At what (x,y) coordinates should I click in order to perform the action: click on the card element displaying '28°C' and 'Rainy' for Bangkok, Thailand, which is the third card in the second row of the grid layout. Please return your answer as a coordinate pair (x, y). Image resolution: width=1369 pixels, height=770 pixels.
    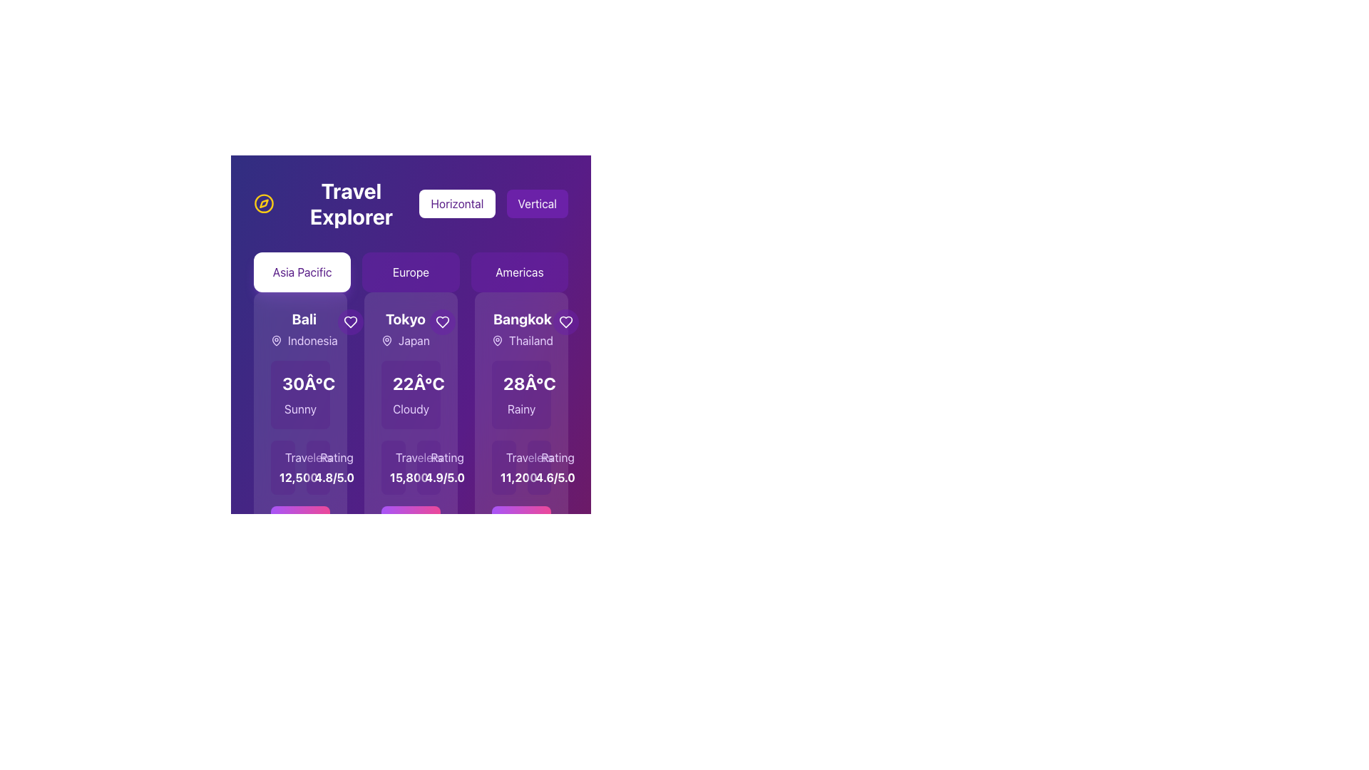
    Looking at the image, I should click on (521, 395).